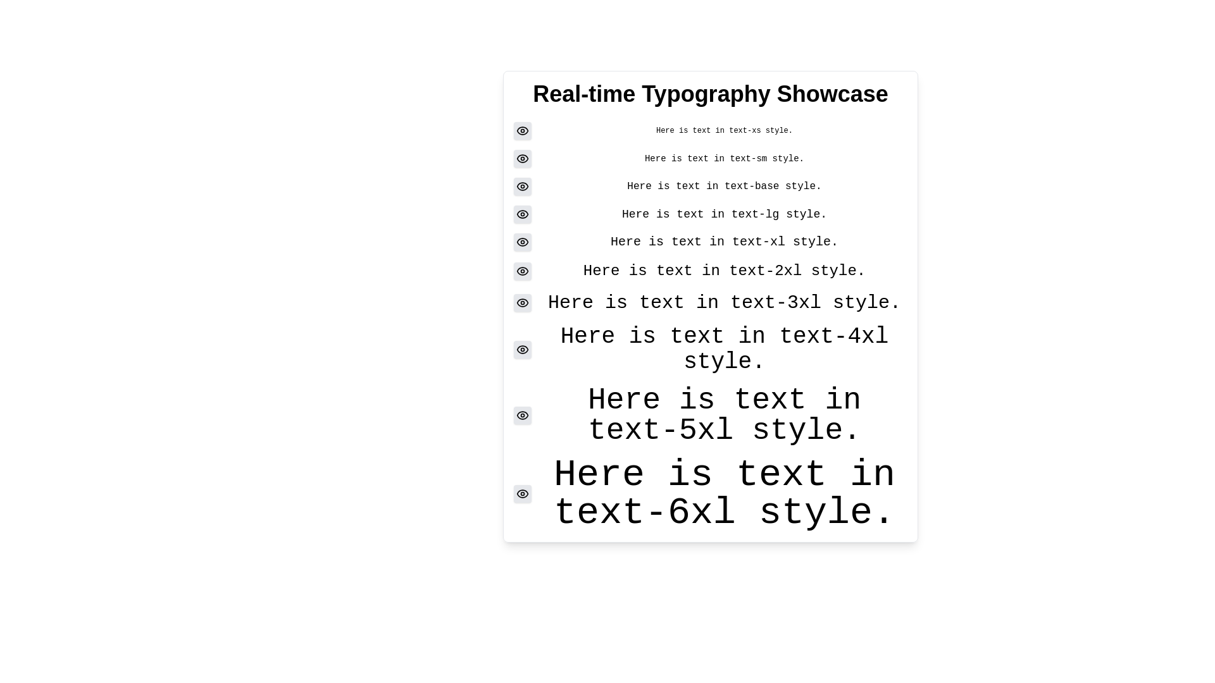 The height and width of the screenshot is (683, 1215). I want to click on the large static text block displaying 'Here is text in text-6xl style.' located at the bottom of the typographic showcase list, so click(725, 493).